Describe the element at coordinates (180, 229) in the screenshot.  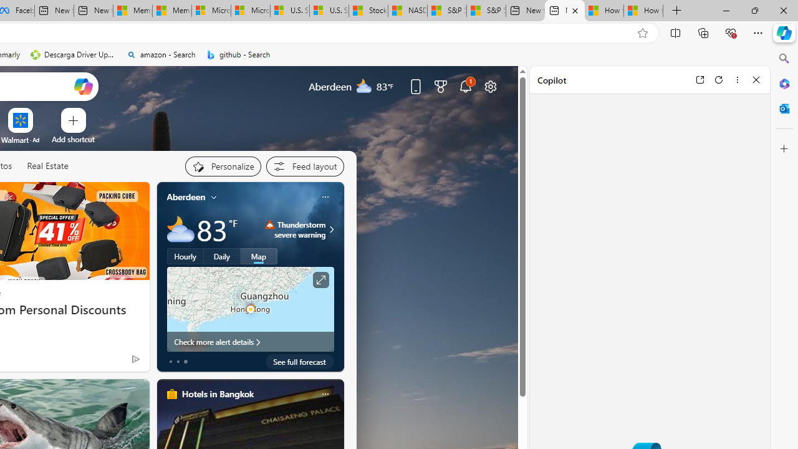
I see `'Mostly cloudy'` at that location.